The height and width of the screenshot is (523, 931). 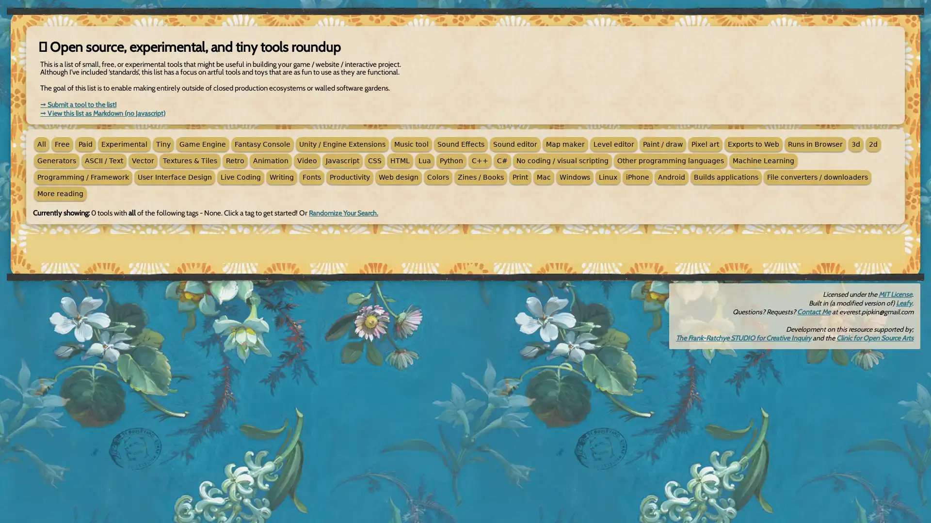 What do you see at coordinates (342, 144) in the screenshot?
I see `Unity / Engine Extensions` at bounding box center [342, 144].